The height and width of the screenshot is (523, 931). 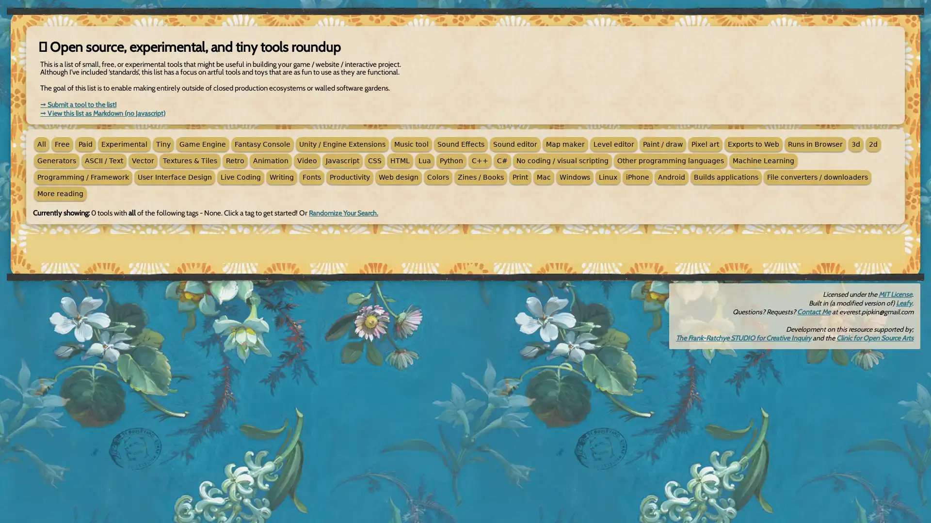 What do you see at coordinates (342, 144) in the screenshot?
I see `Unity / Engine Extensions` at bounding box center [342, 144].